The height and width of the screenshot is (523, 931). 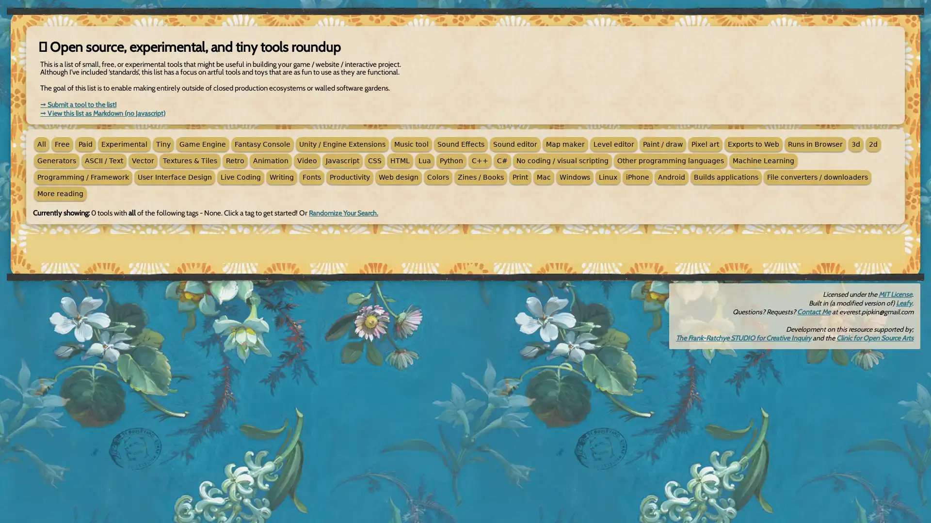 What do you see at coordinates (342, 144) in the screenshot?
I see `Unity / Engine Extensions` at bounding box center [342, 144].